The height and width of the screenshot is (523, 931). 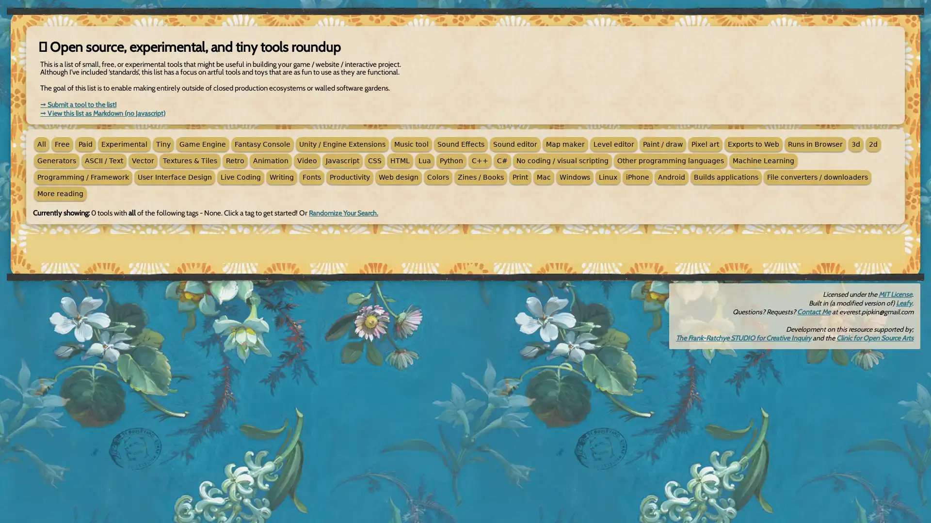 What do you see at coordinates (342, 144) in the screenshot?
I see `Unity / Engine Extensions` at bounding box center [342, 144].